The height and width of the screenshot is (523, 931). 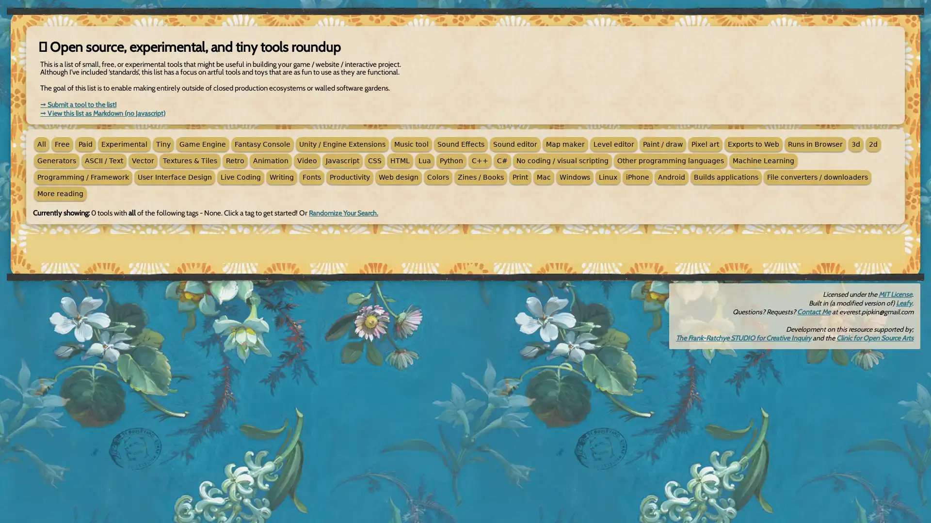 What do you see at coordinates (342, 144) in the screenshot?
I see `Unity / Engine Extensions` at bounding box center [342, 144].